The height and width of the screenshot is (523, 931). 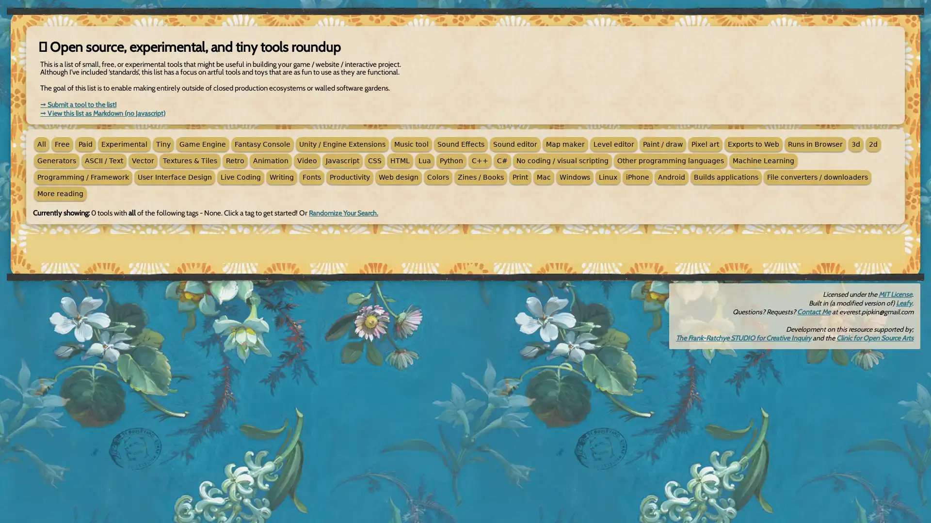 What do you see at coordinates (342, 144) in the screenshot?
I see `Unity / Engine Extensions` at bounding box center [342, 144].